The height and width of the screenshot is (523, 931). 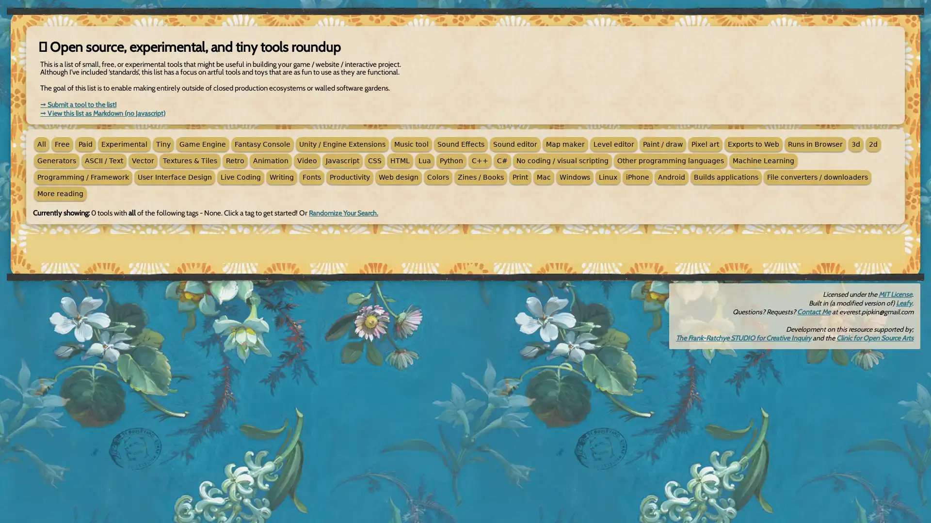 What do you see at coordinates (342, 144) in the screenshot?
I see `Unity / Engine Extensions` at bounding box center [342, 144].